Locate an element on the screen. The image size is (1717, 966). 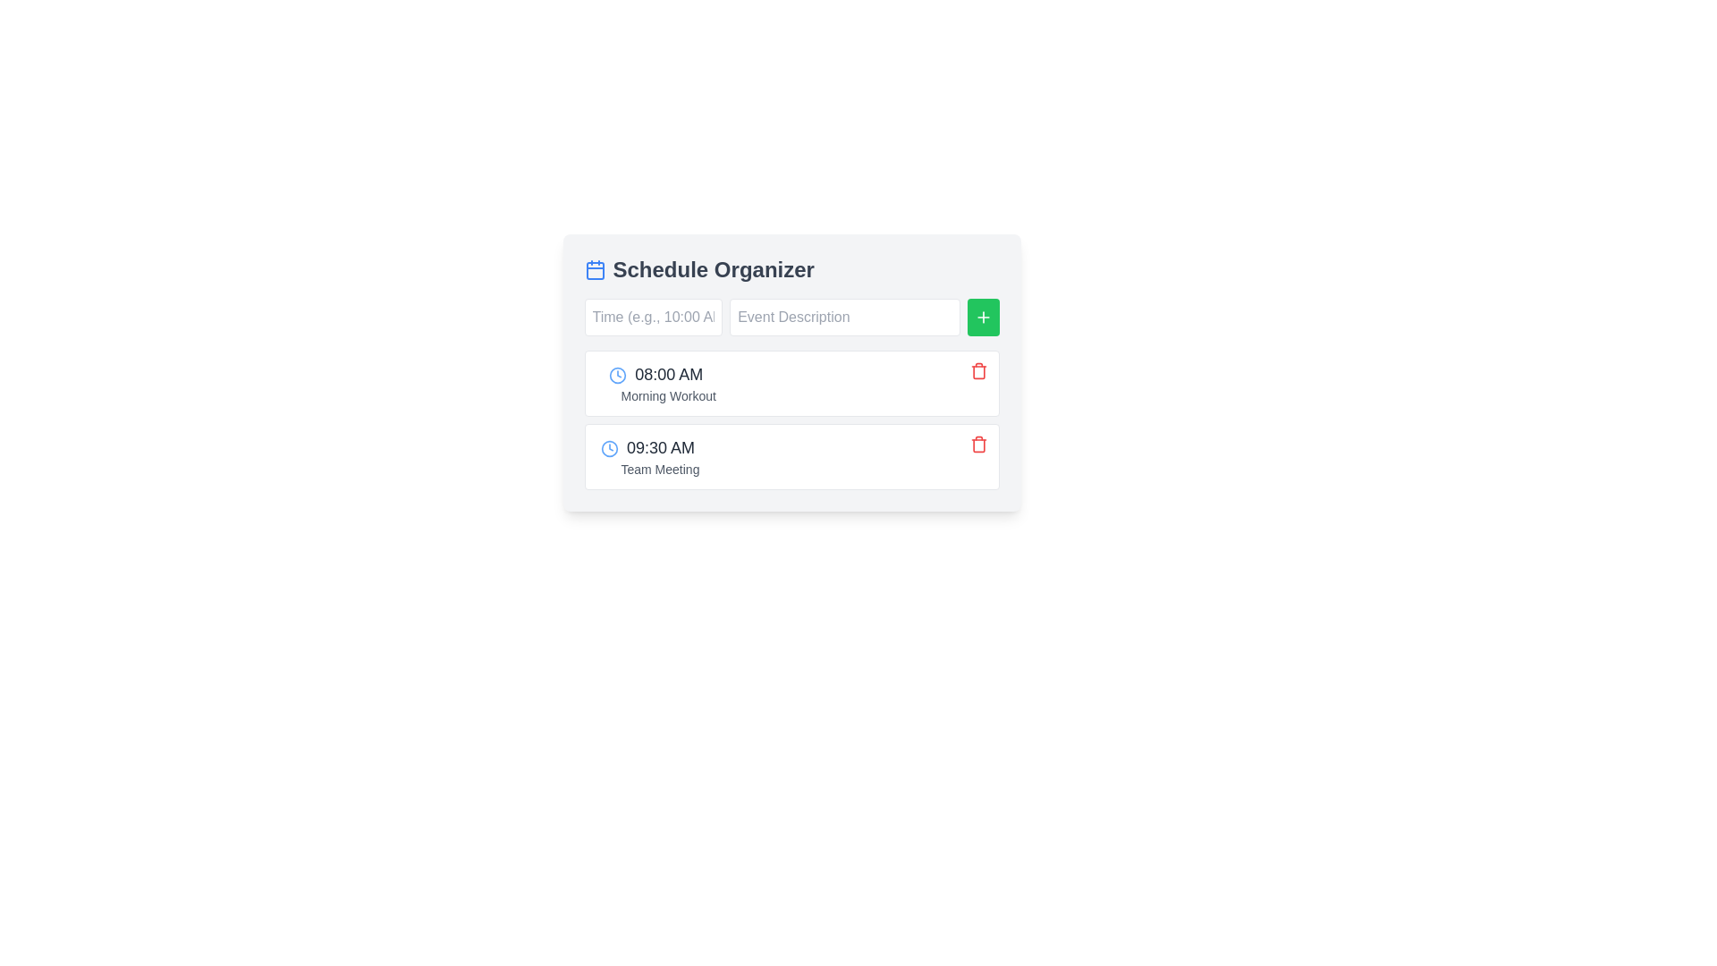
the second event entry in the schedule list, which displays '09:30 AM Team Meeting' and includes a clock icon and a delete button, by clicking on it is located at coordinates (791, 455).